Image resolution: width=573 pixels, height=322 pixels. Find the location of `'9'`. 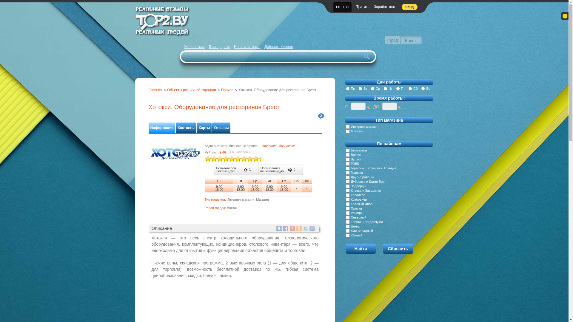

'9' is located at coordinates (231, 158).